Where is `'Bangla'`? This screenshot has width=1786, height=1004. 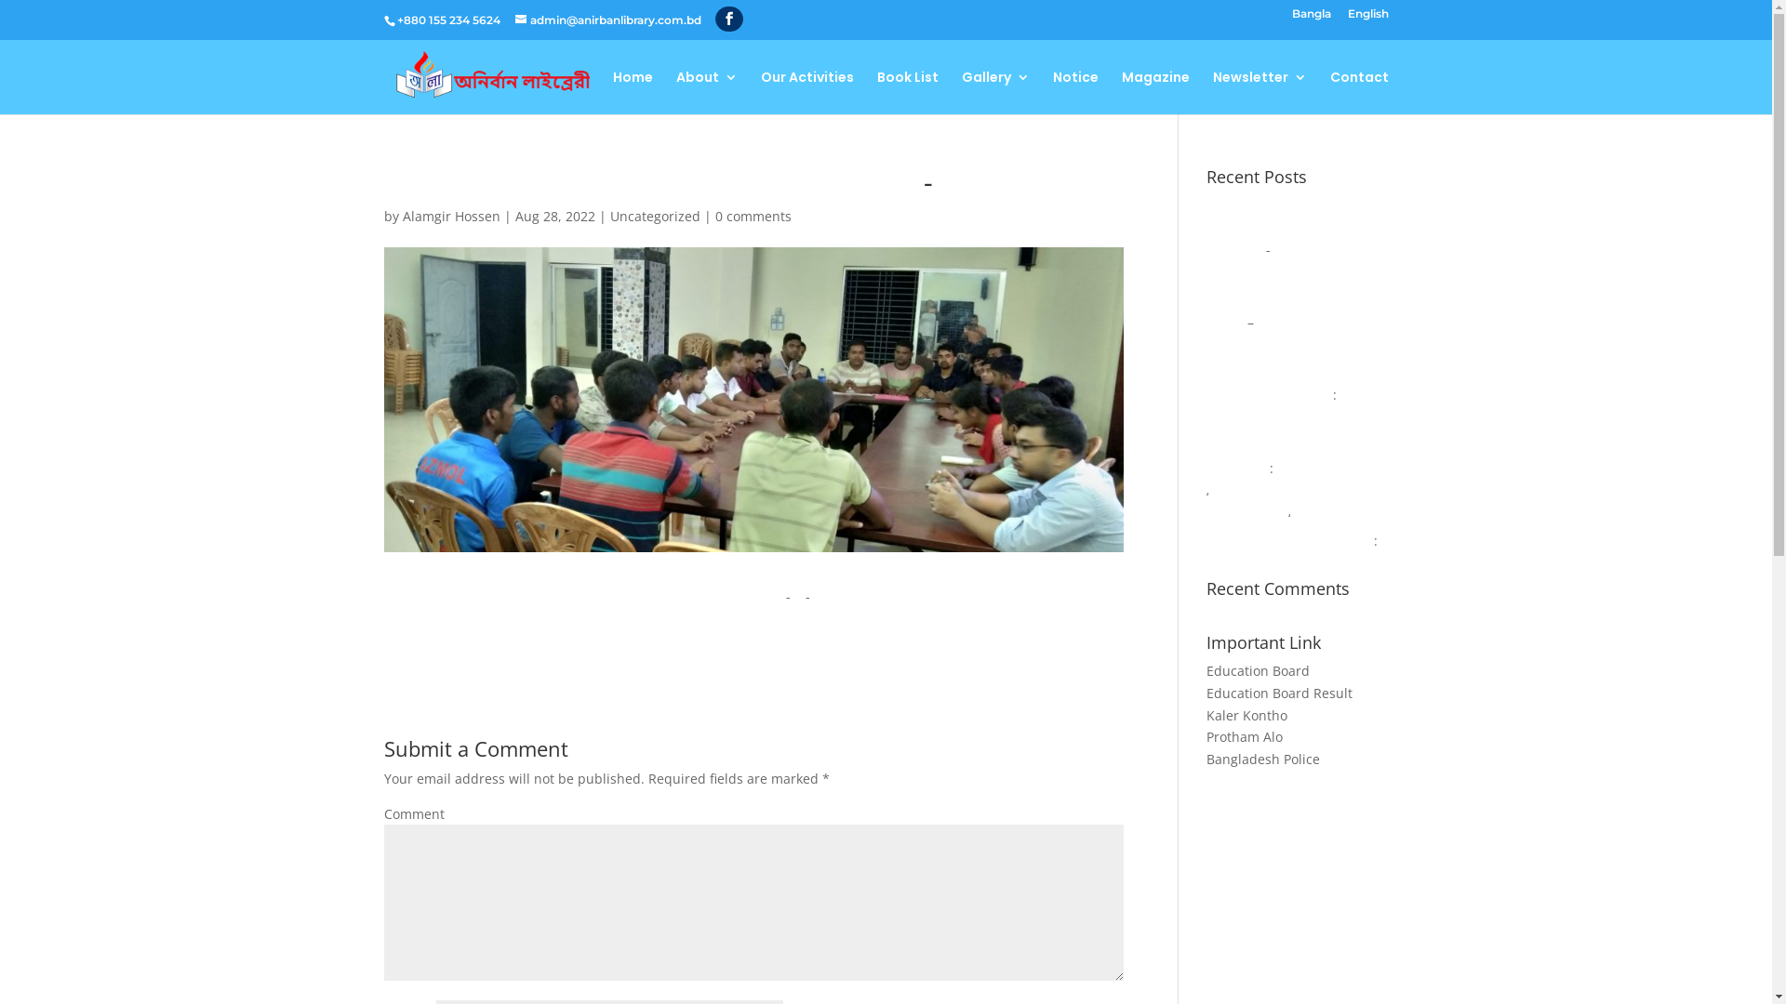 'Bangla' is located at coordinates (1310, 18).